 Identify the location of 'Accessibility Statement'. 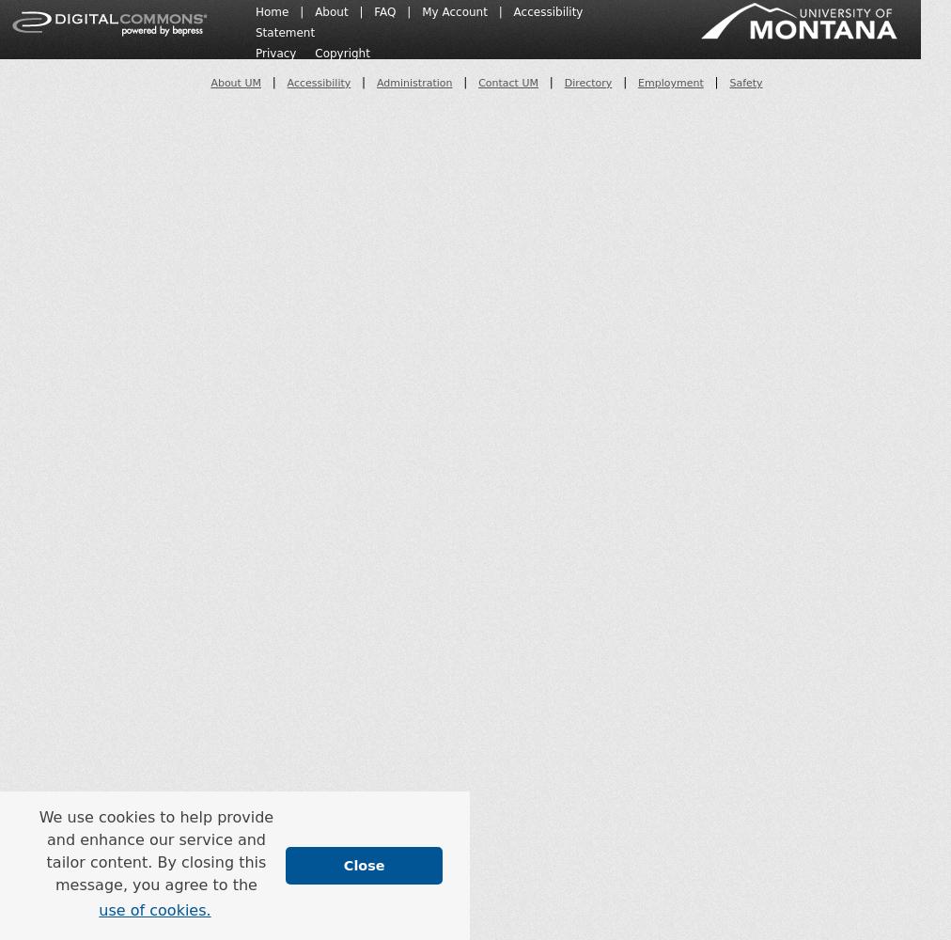
(255, 22).